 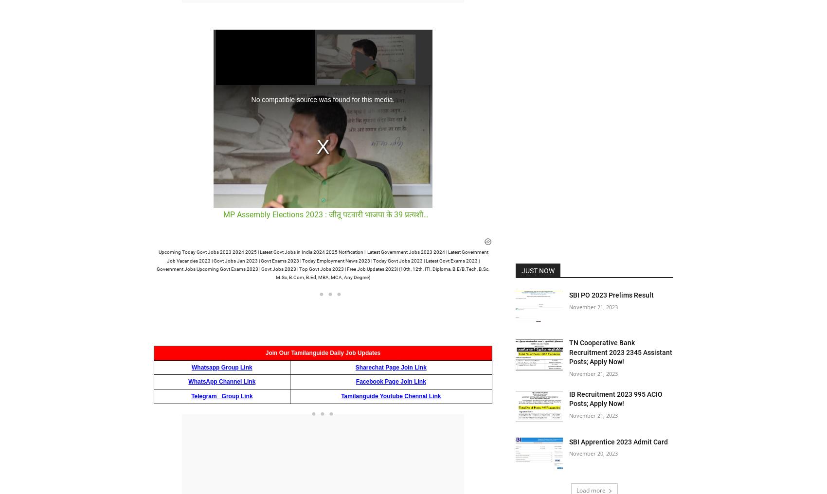 What do you see at coordinates (390, 396) in the screenshot?
I see `'Tamilanguide Youtube Chennal Link'` at bounding box center [390, 396].